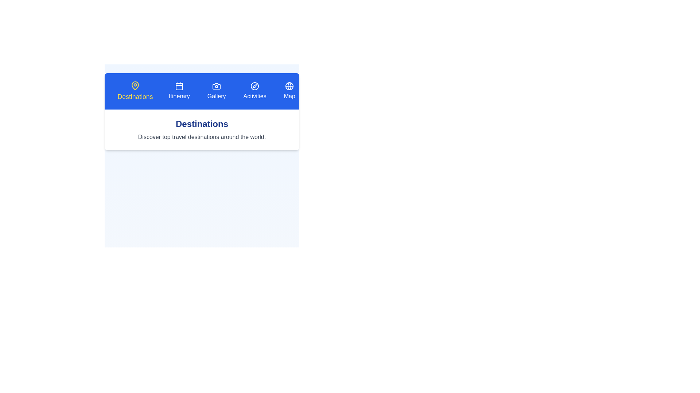 The height and width of the screenshot is (393, 700). Describe the element at coordinates (289, 86) in the screenshot. I see `the globe icon representing the 'Map' section in the navigation bar at the top right corner of the interface, adjacent to the 'Activities' option` at that location.